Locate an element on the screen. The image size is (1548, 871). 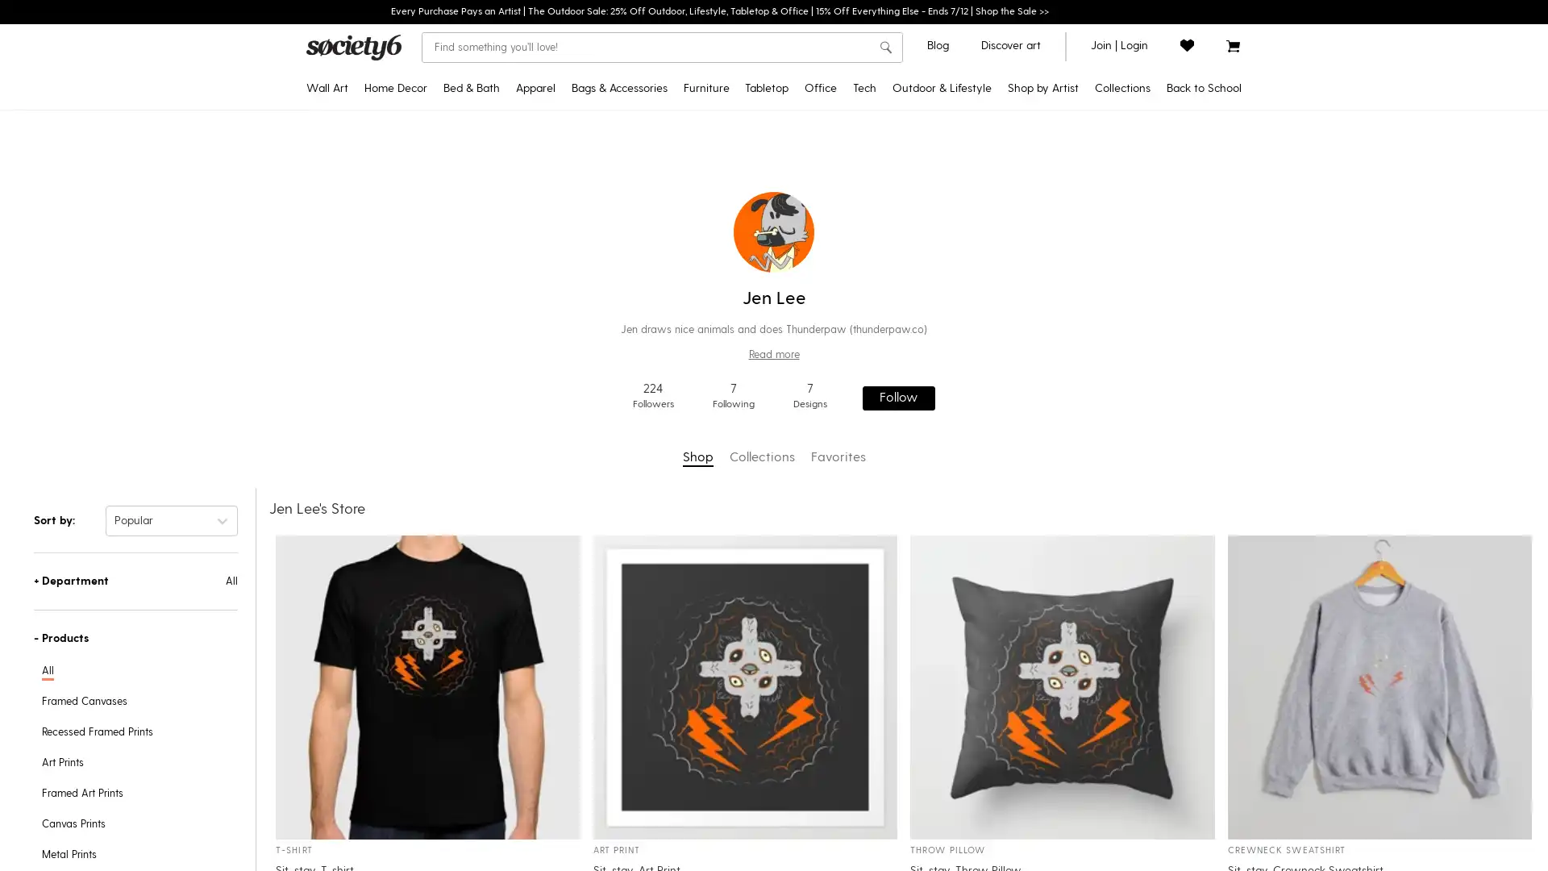
Stationery Cards is located at coordinates (860, 337).